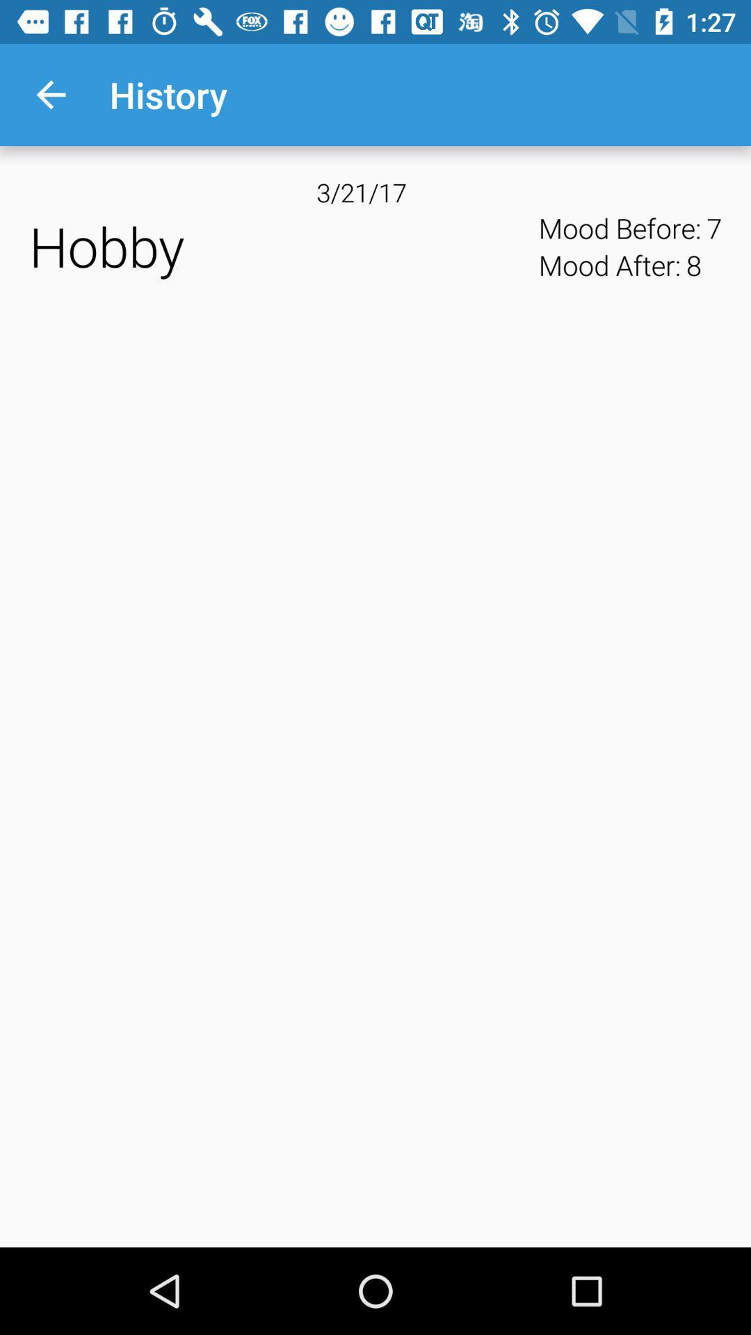 Image resolution: width=751 pixels, height=1335 pixels. I want to click on item above hobby app, so click(50, 94).